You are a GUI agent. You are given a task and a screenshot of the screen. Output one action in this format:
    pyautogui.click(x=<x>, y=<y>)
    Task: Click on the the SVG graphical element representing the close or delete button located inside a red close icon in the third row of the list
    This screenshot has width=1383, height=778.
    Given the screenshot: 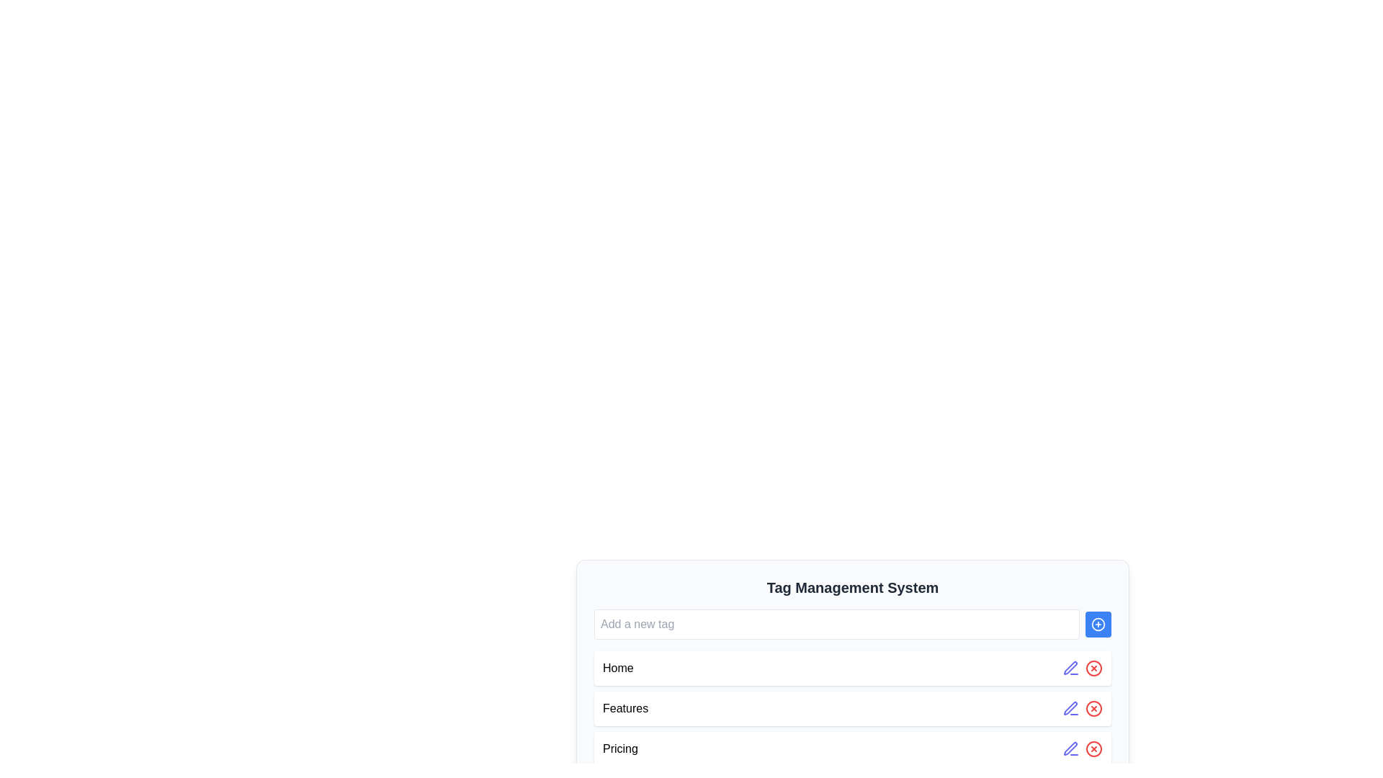 What is the action you would take?
    pyautogui.click(x=1093, y=748)
    